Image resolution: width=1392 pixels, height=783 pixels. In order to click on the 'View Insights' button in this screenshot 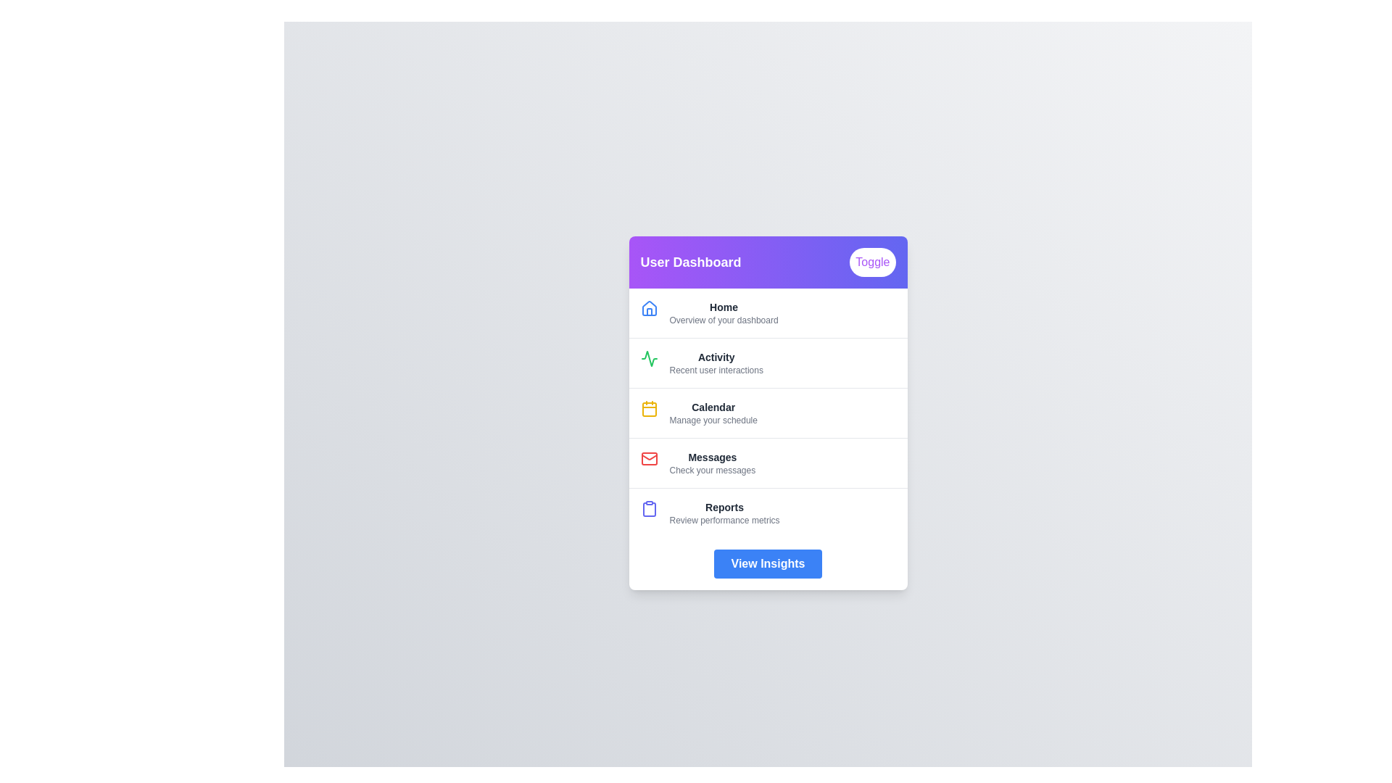, I will do `click(767, 563)`.